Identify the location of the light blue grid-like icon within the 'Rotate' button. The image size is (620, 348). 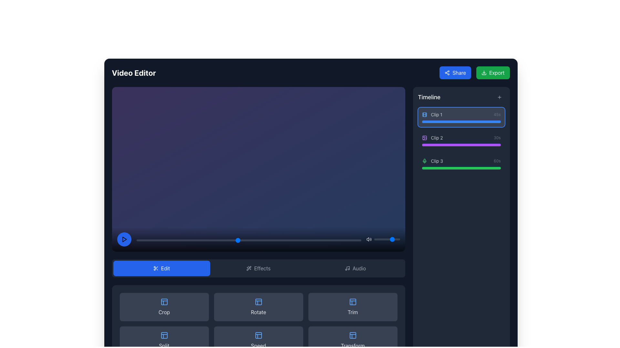
(258, 302).